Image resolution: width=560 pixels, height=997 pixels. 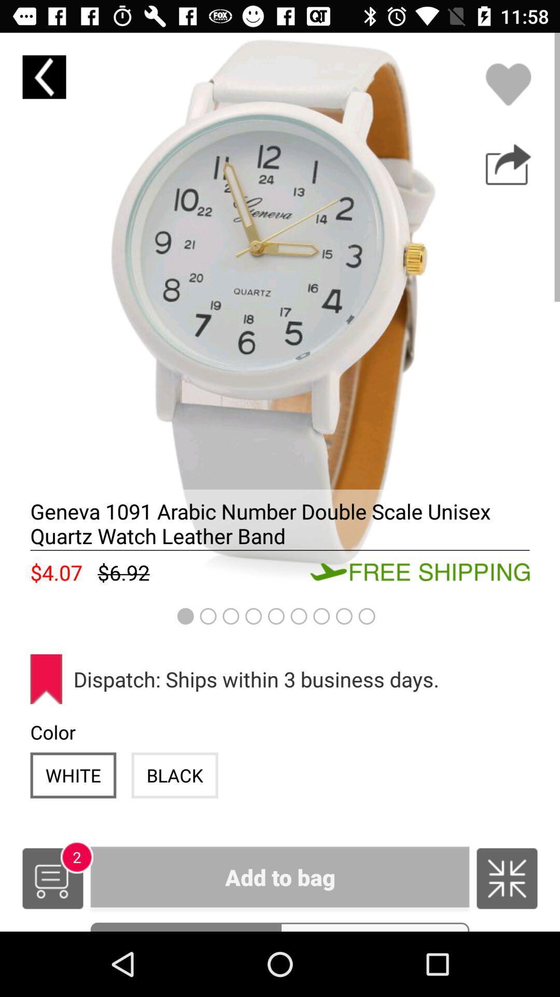 What do you see at coordinates (52, 878) in the screenshot?
I see `cart` at bounding box center [52, 878].